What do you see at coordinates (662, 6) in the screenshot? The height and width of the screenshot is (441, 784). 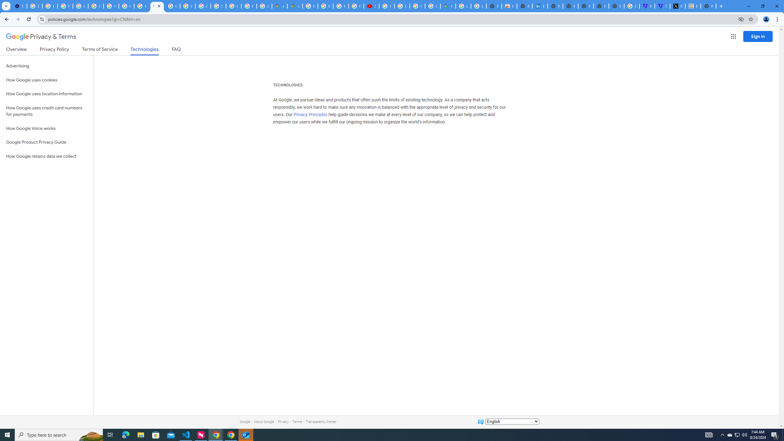 I see `'Streaming - The Verge'` at bounding box center [662, 6].